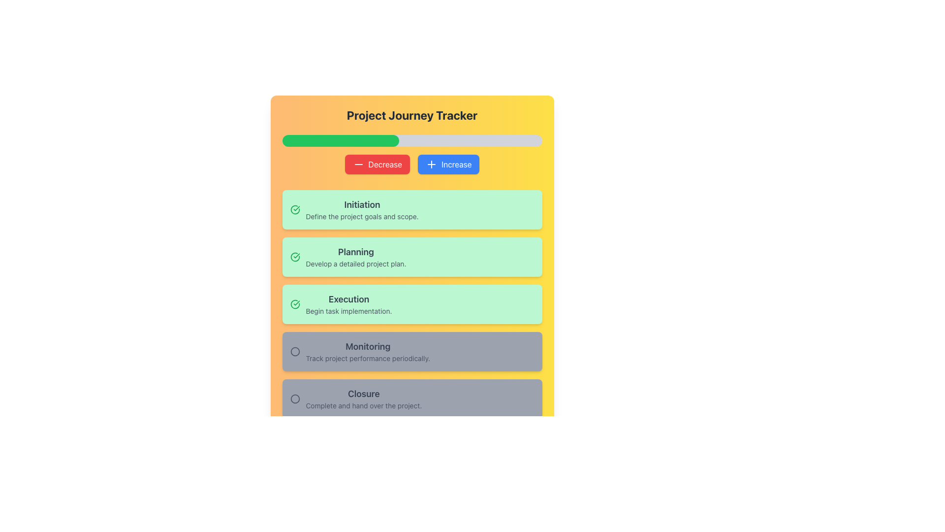 This screenshot has height=532, width=945. Describe the element at coordinates (355, 264) in the screenshot. I see `the text block displaying 'Develop a detailed project plan.' located below the 'Planning' title in a light green rectangular section` at that location.